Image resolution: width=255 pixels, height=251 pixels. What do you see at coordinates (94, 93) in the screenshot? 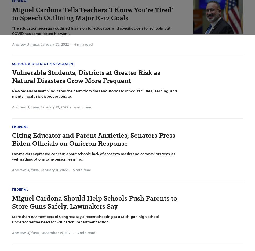
I see `'New federal research indicates the harm from fires and storms to school facilities, learning, and mental health is disproportionate.'` at bounding box center [94, 93].